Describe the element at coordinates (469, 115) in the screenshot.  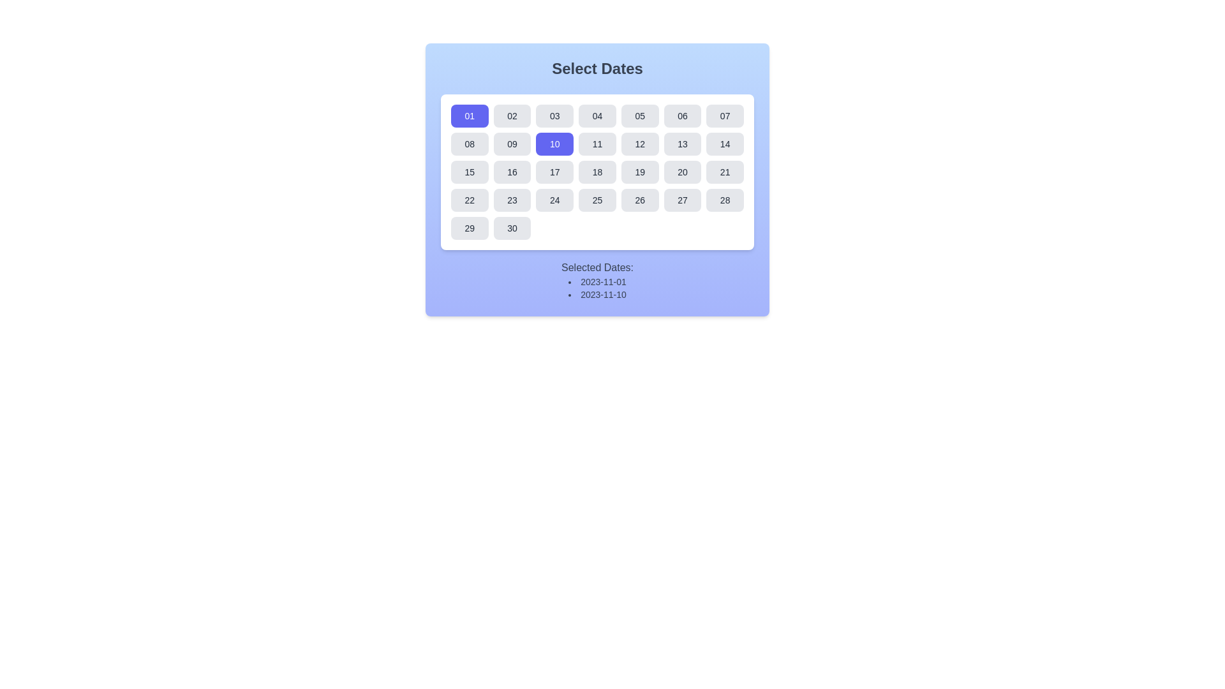
I see `the first button in the first row of the date selection grid, which selects the date value '01'` at that location.